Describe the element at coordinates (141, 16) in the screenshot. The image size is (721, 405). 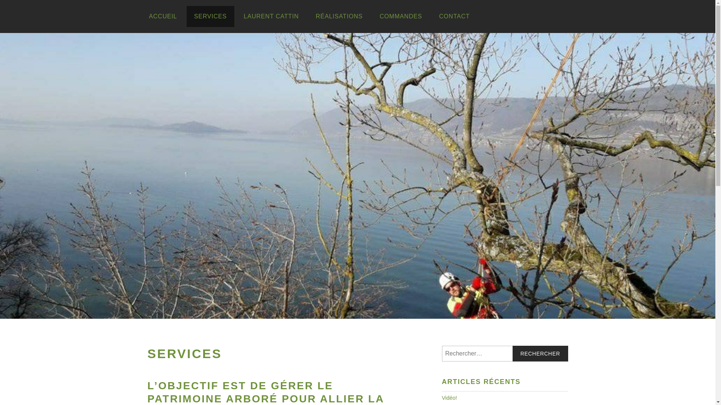
I see `'ACCUEIL'` at that location.